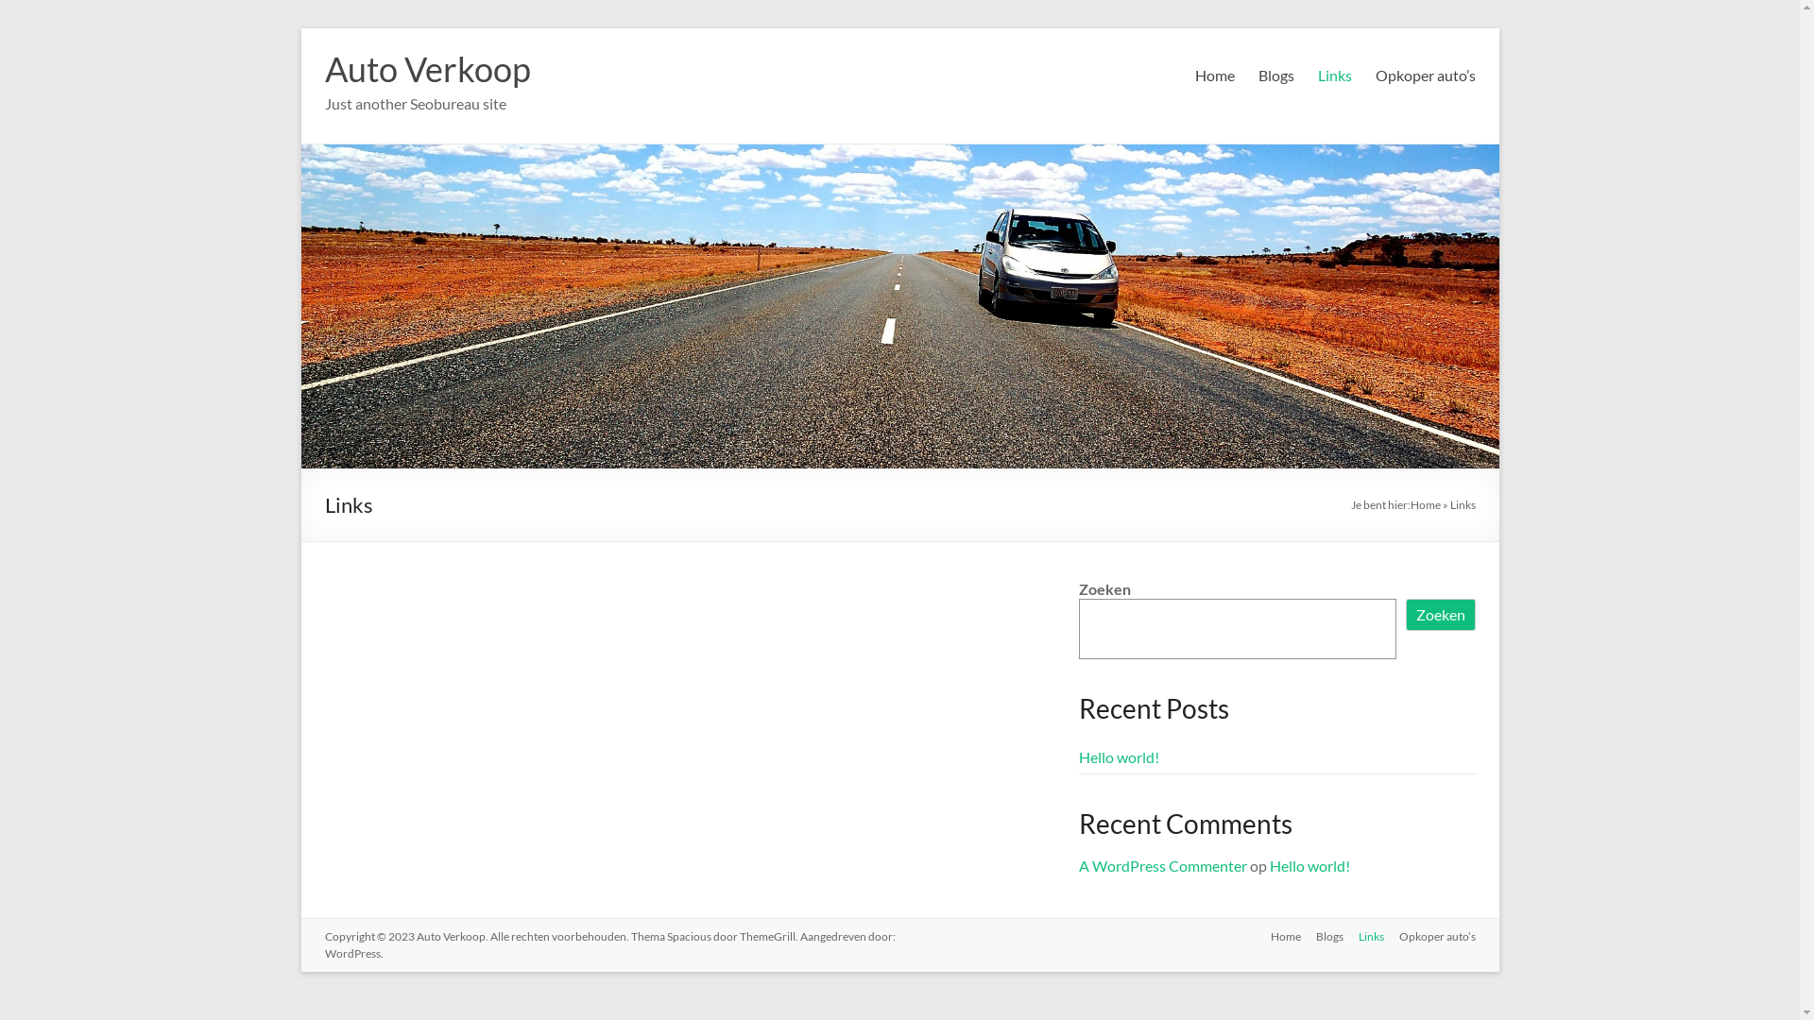 This screenshot has width=1814, height=1020. What do you see at coordinates (1255, 938) in the screenshot?
I see `'Home'` at bounding box center [1255, 938].